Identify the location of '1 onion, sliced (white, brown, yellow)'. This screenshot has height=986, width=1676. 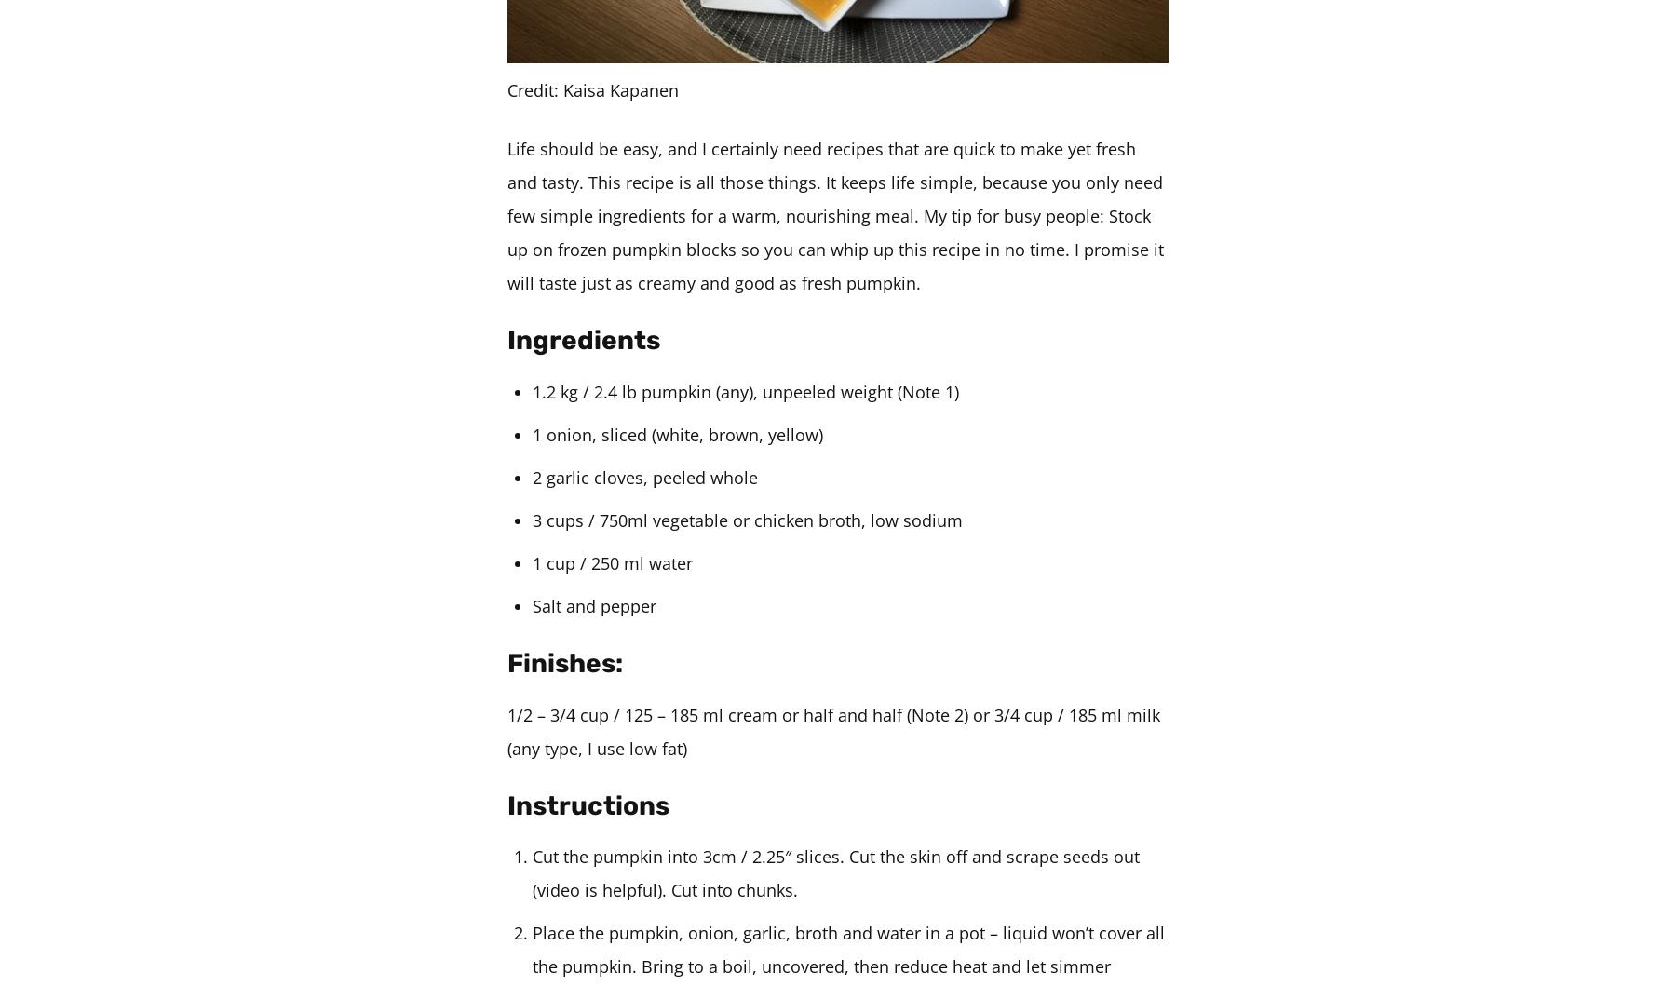
(676, 433).